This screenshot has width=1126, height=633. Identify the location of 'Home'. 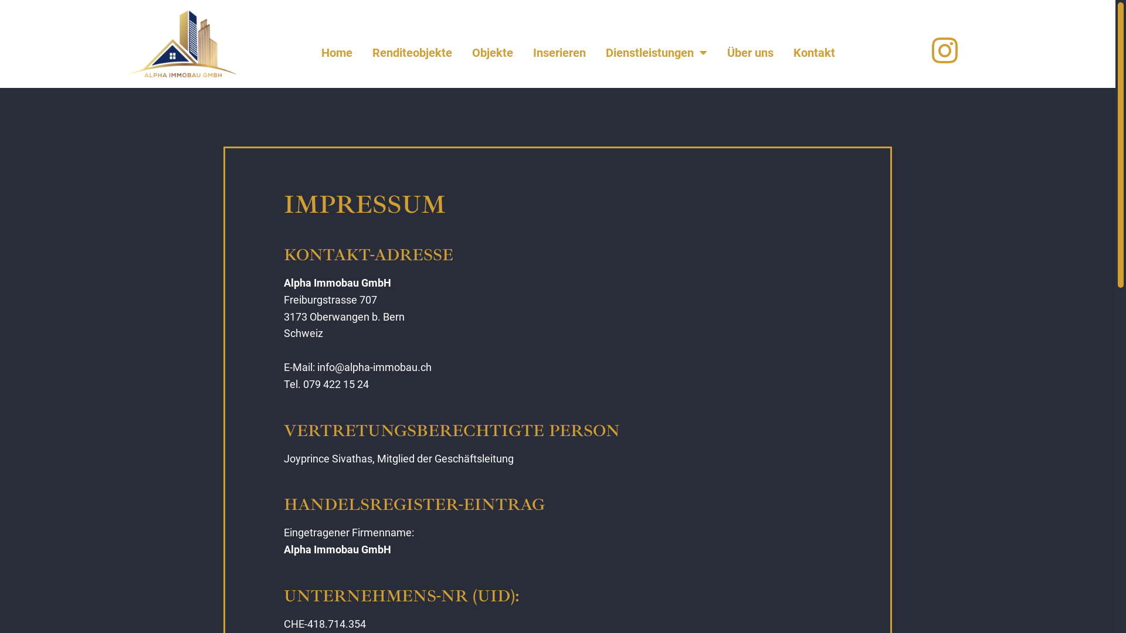
(336, 52).